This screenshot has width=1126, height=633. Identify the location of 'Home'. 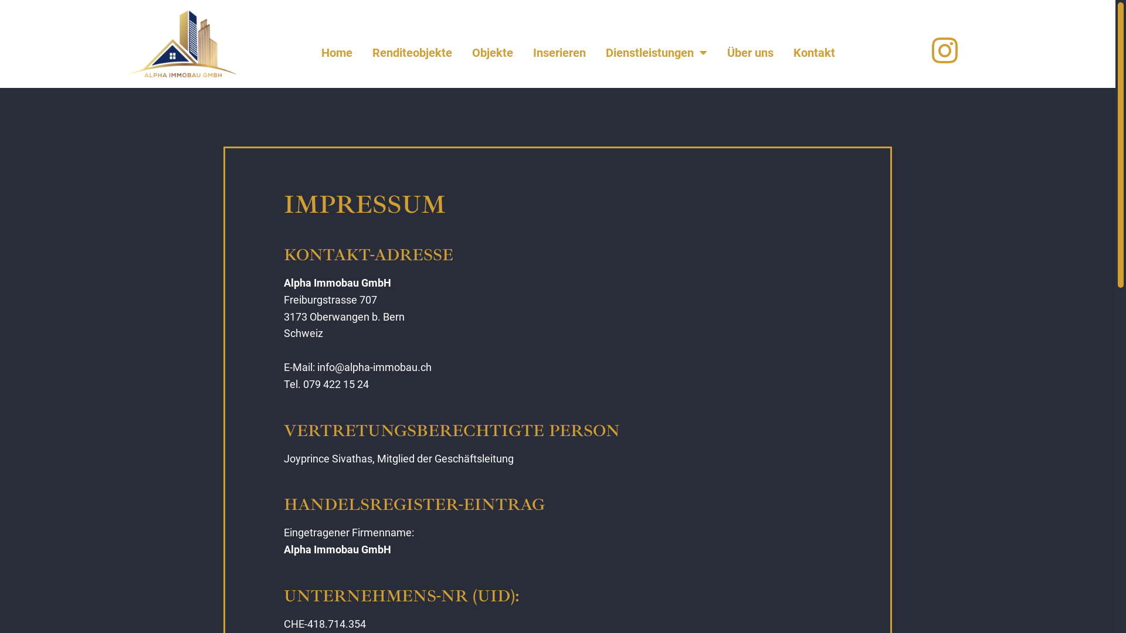
(336, 52).